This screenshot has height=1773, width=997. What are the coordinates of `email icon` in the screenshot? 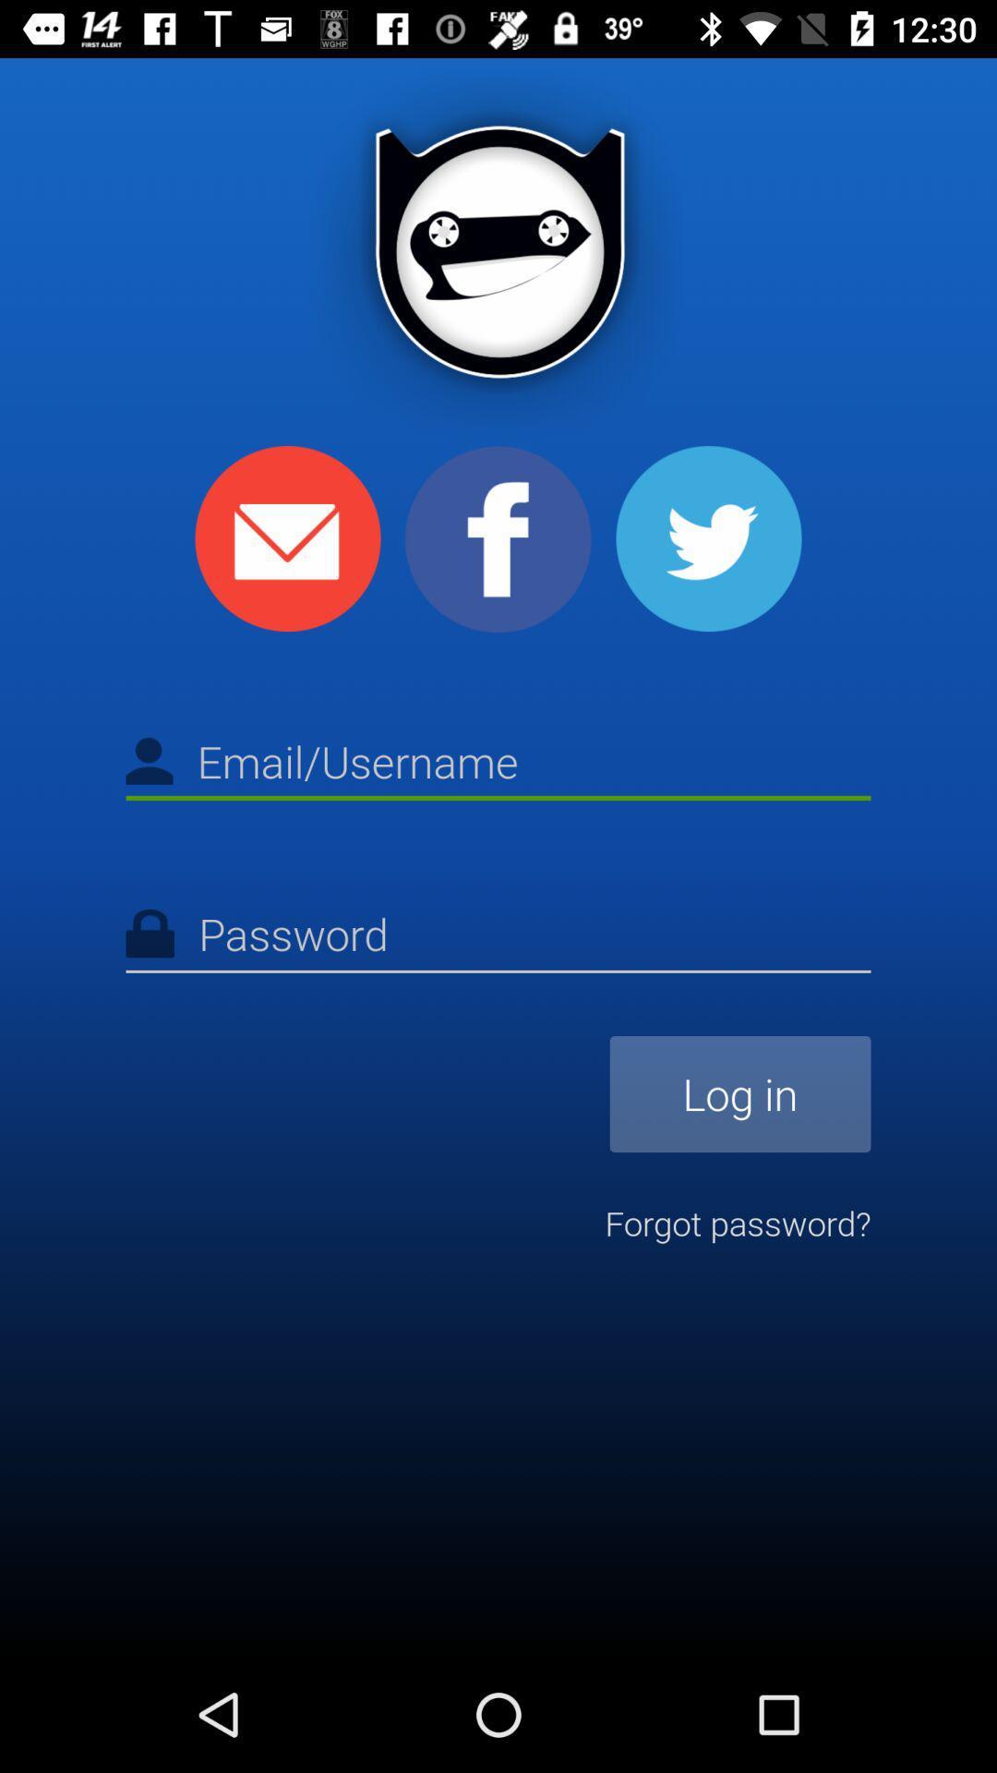 It's located at (288, 537).